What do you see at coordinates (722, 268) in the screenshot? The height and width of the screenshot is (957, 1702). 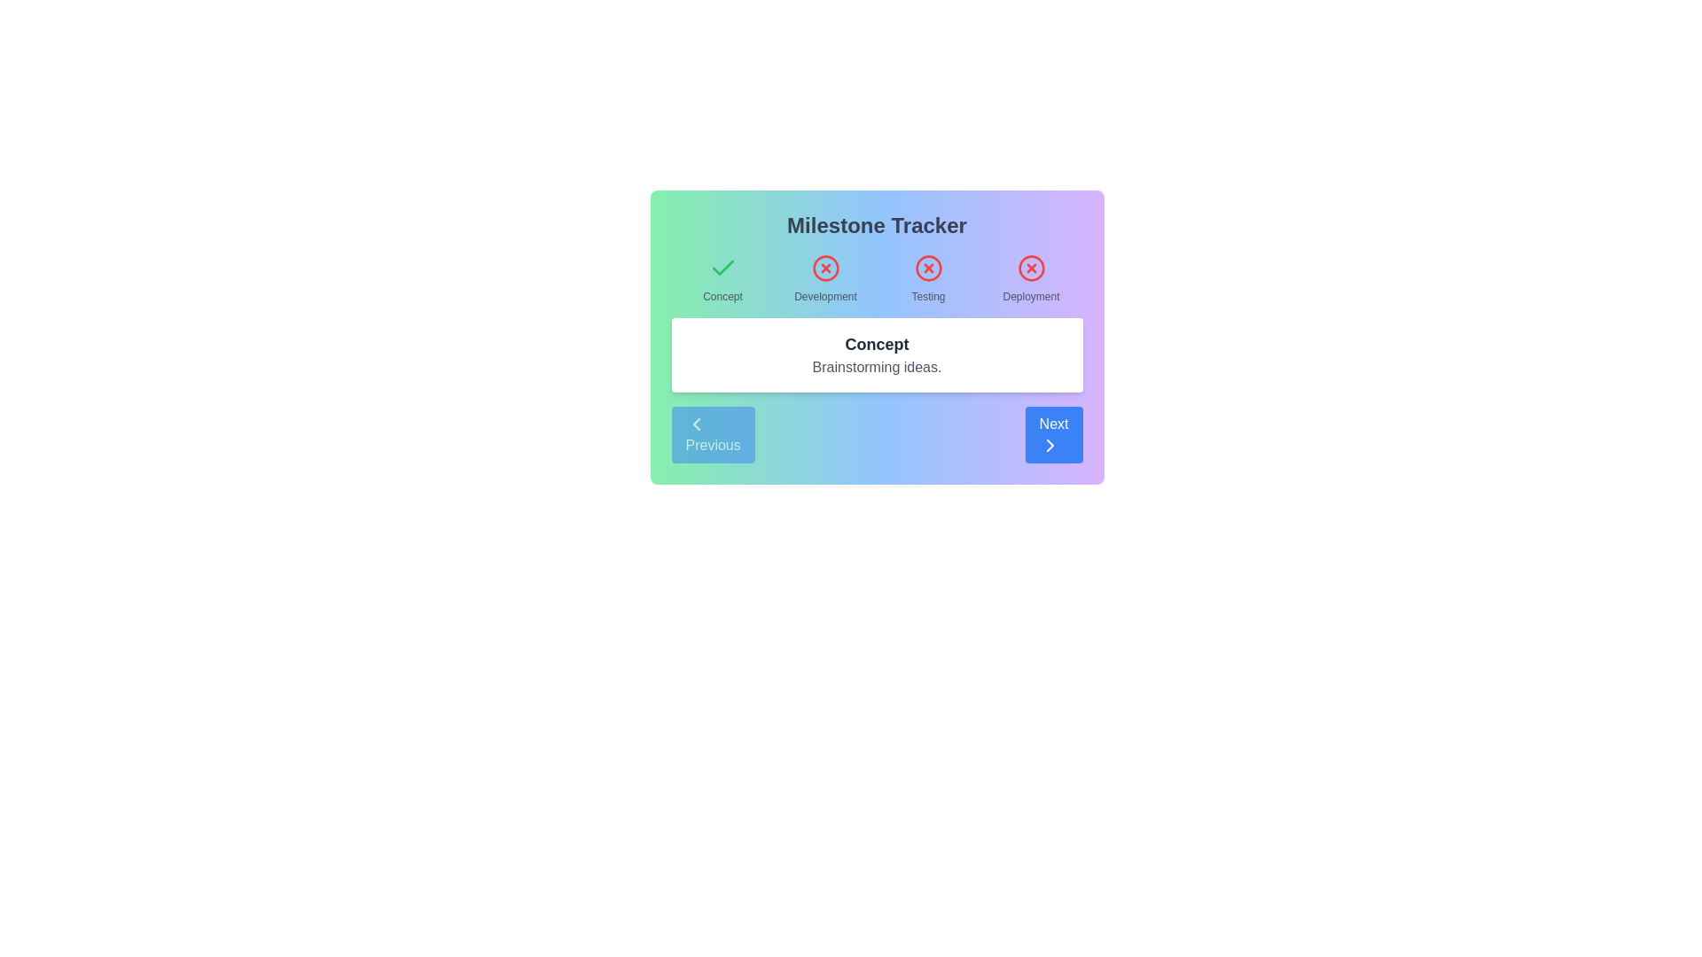 I see `the status of the green checkmark icon indicating completion, positioned above the label 'Concept'` at bounding box center [722, 268].